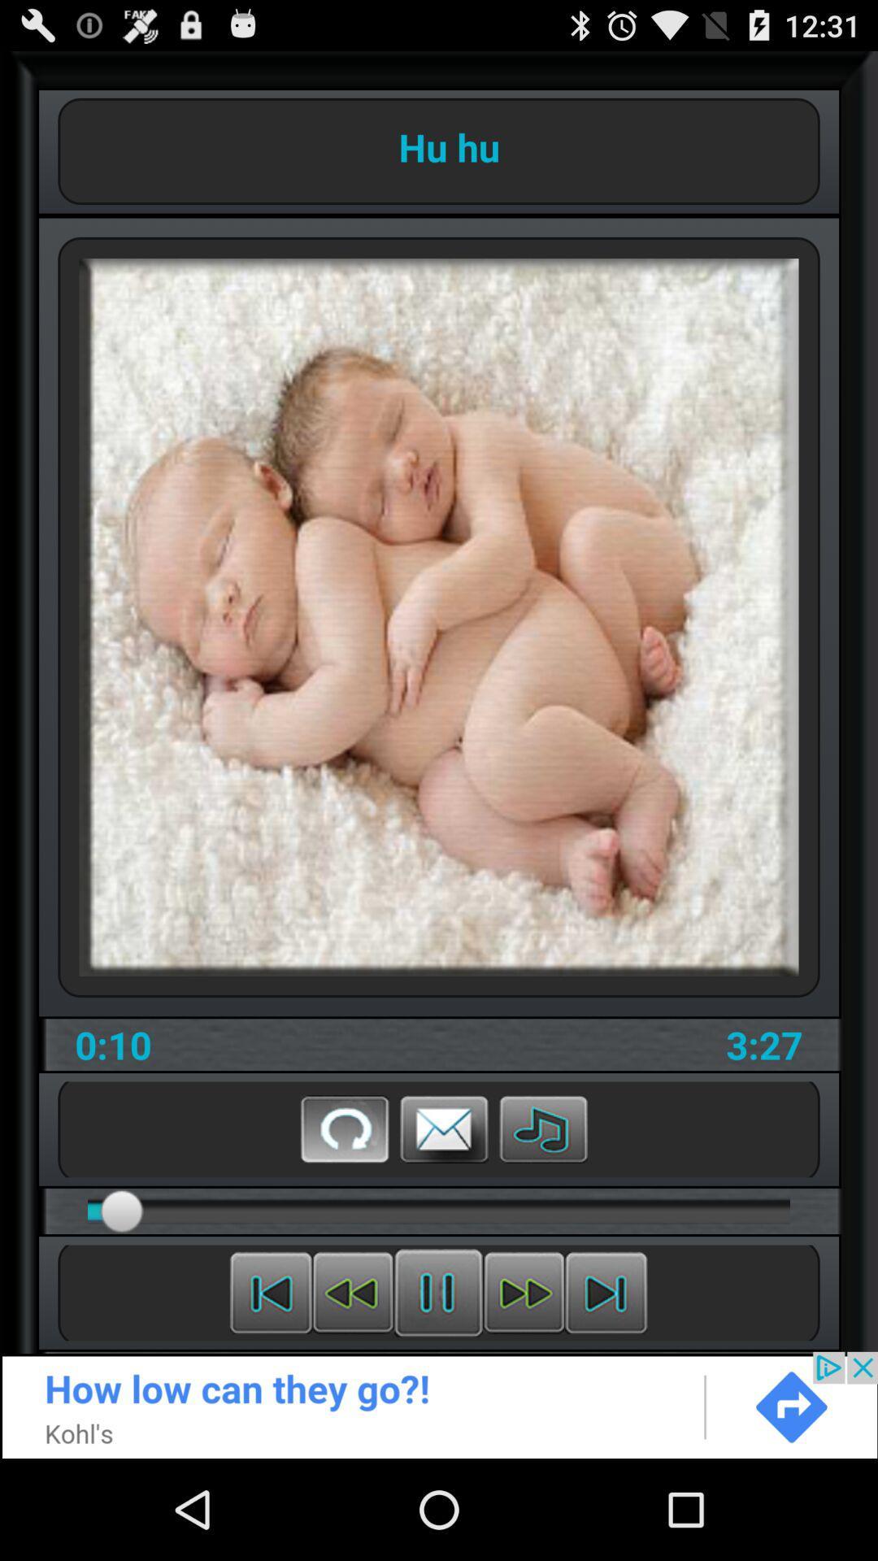 Image resolution: width=878 pixels, height=1561 pixels. What do you see at coordinates (352, 1292) in the screenshot?
I see `rewind the video` at bounding box center [352, 1292].